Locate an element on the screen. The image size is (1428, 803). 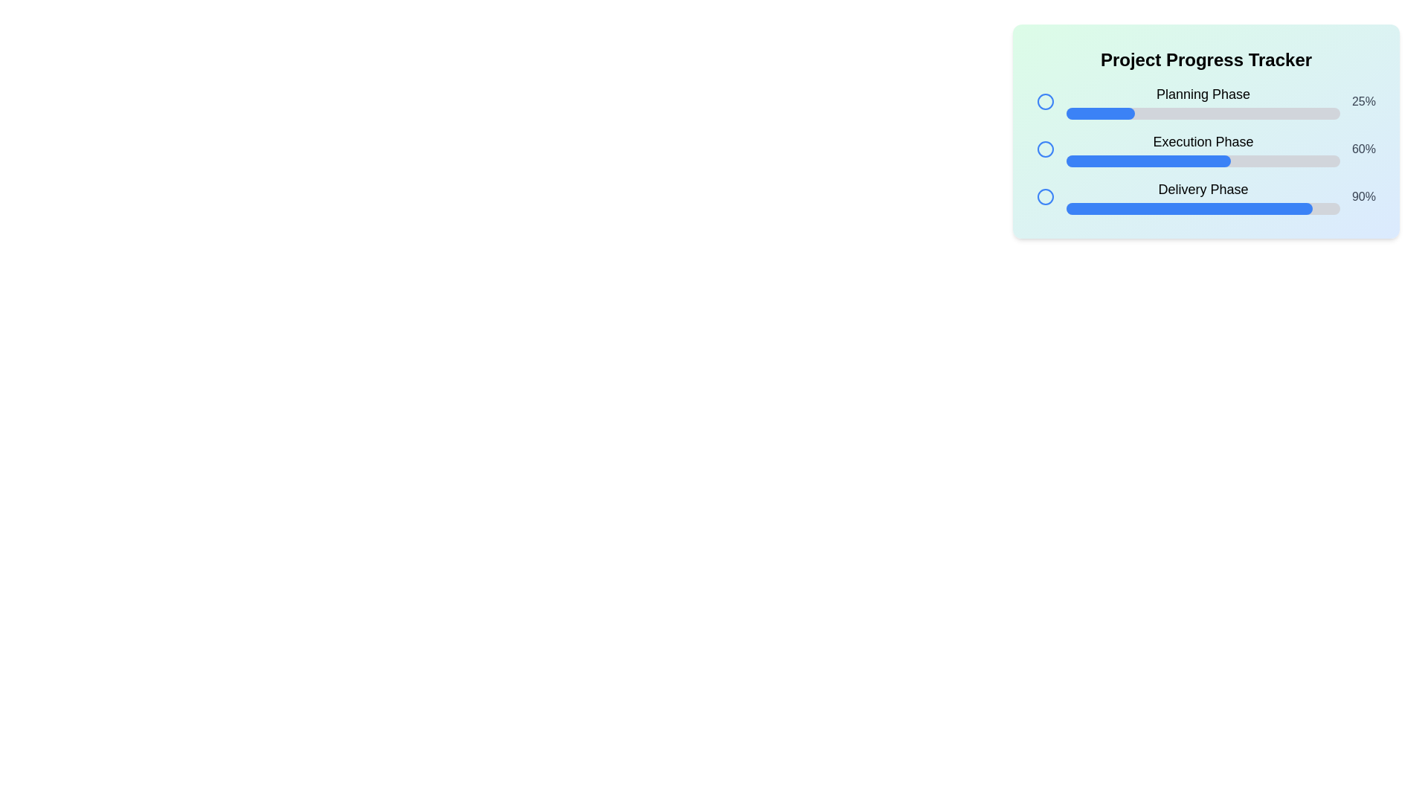
the first circular icon with a blue outline in the 'Project Progress Tracker' panel, aligned with the 'Planning Phase' label is located at coordinates (1045, 101).